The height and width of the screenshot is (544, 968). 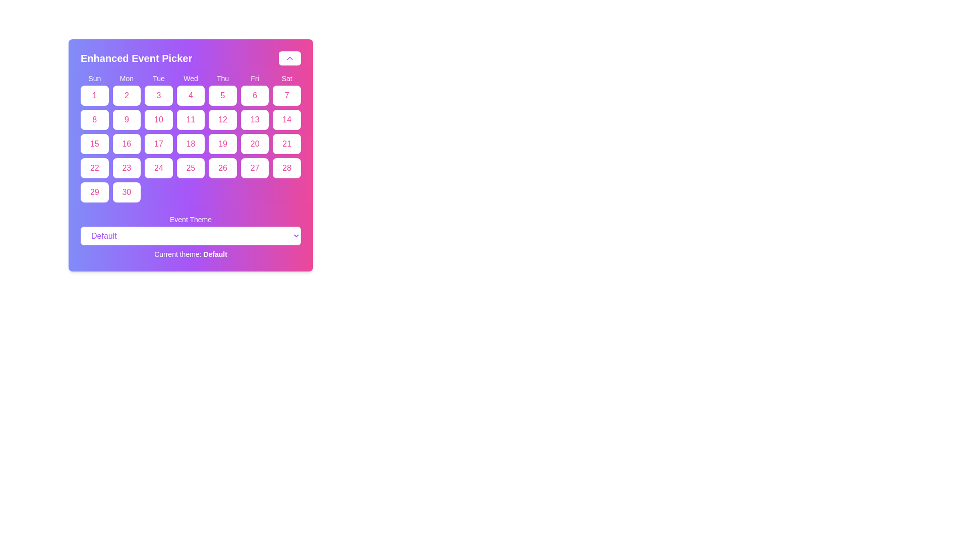 I want to click on the text label displaying 'Event Theme', which is styled with a small font size and medium weight, located centrally above the dropdown labeled 'Default', so click(x=191, y=219).